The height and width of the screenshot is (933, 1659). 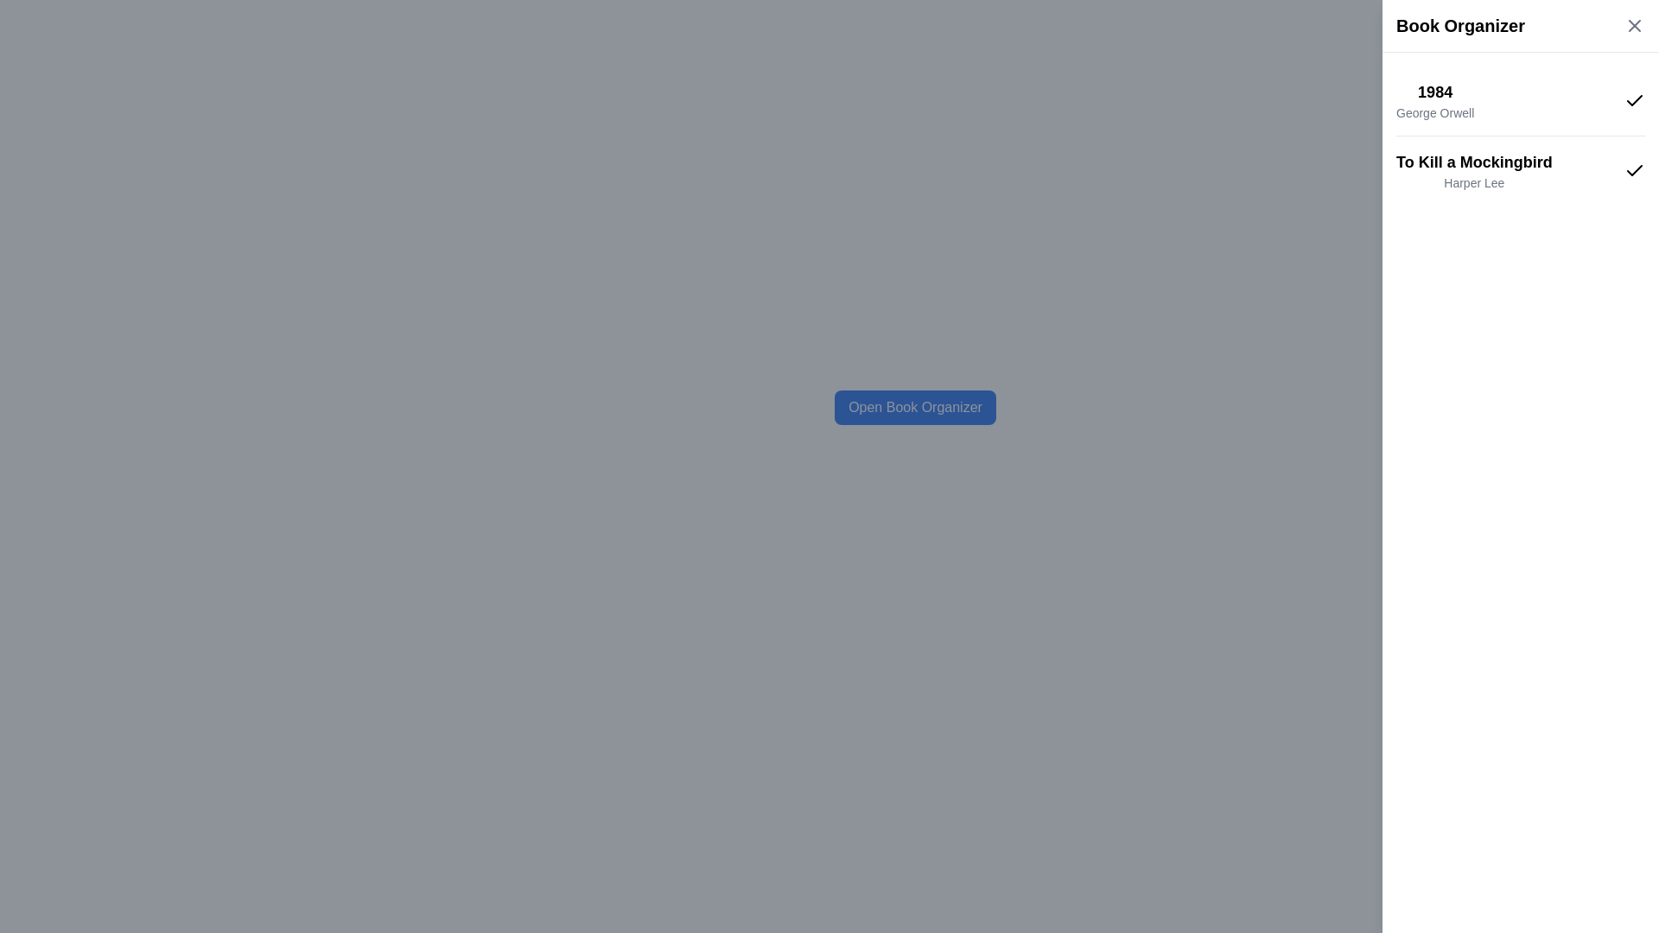 What do you see at coordinates (1633, 170) in the screenshot?
I see `the checkmark icon located in the upper-right corner of the card for 'To Kill a Mockingbird' by Harper Lee` at bounding box center [1633, 170].